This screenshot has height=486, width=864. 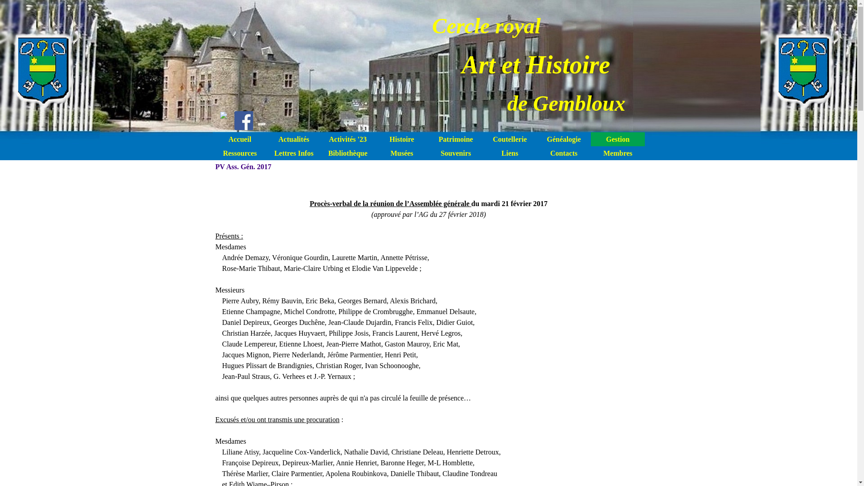 What do you see at coordinates (455, 153) in the screenshot?
I see `'Souvenirs'` at bounding box center [455, 153].